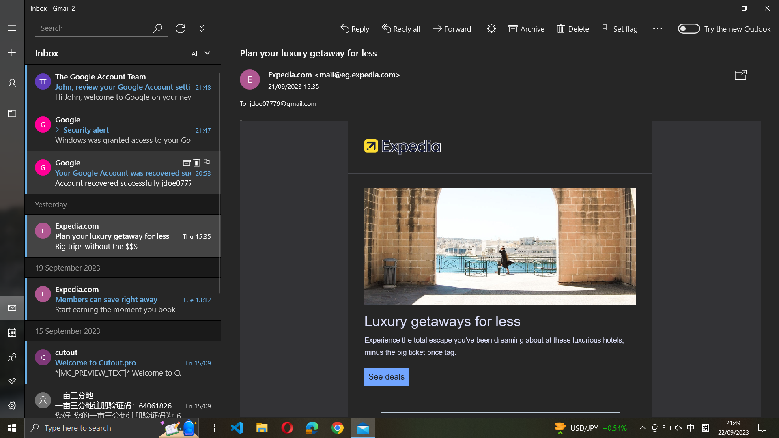  Describe the element at coordinates (525, 27) in the screenshot. I see `Move the present email to archive` at that location.